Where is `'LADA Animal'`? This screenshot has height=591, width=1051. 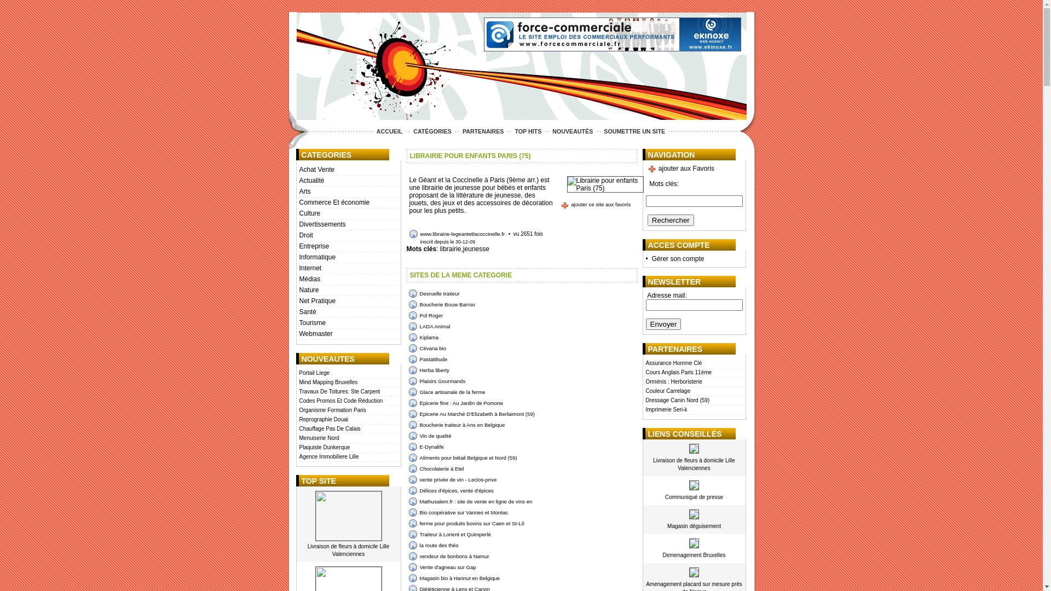 'LADA Animal' is located at coordinates (428, 326).